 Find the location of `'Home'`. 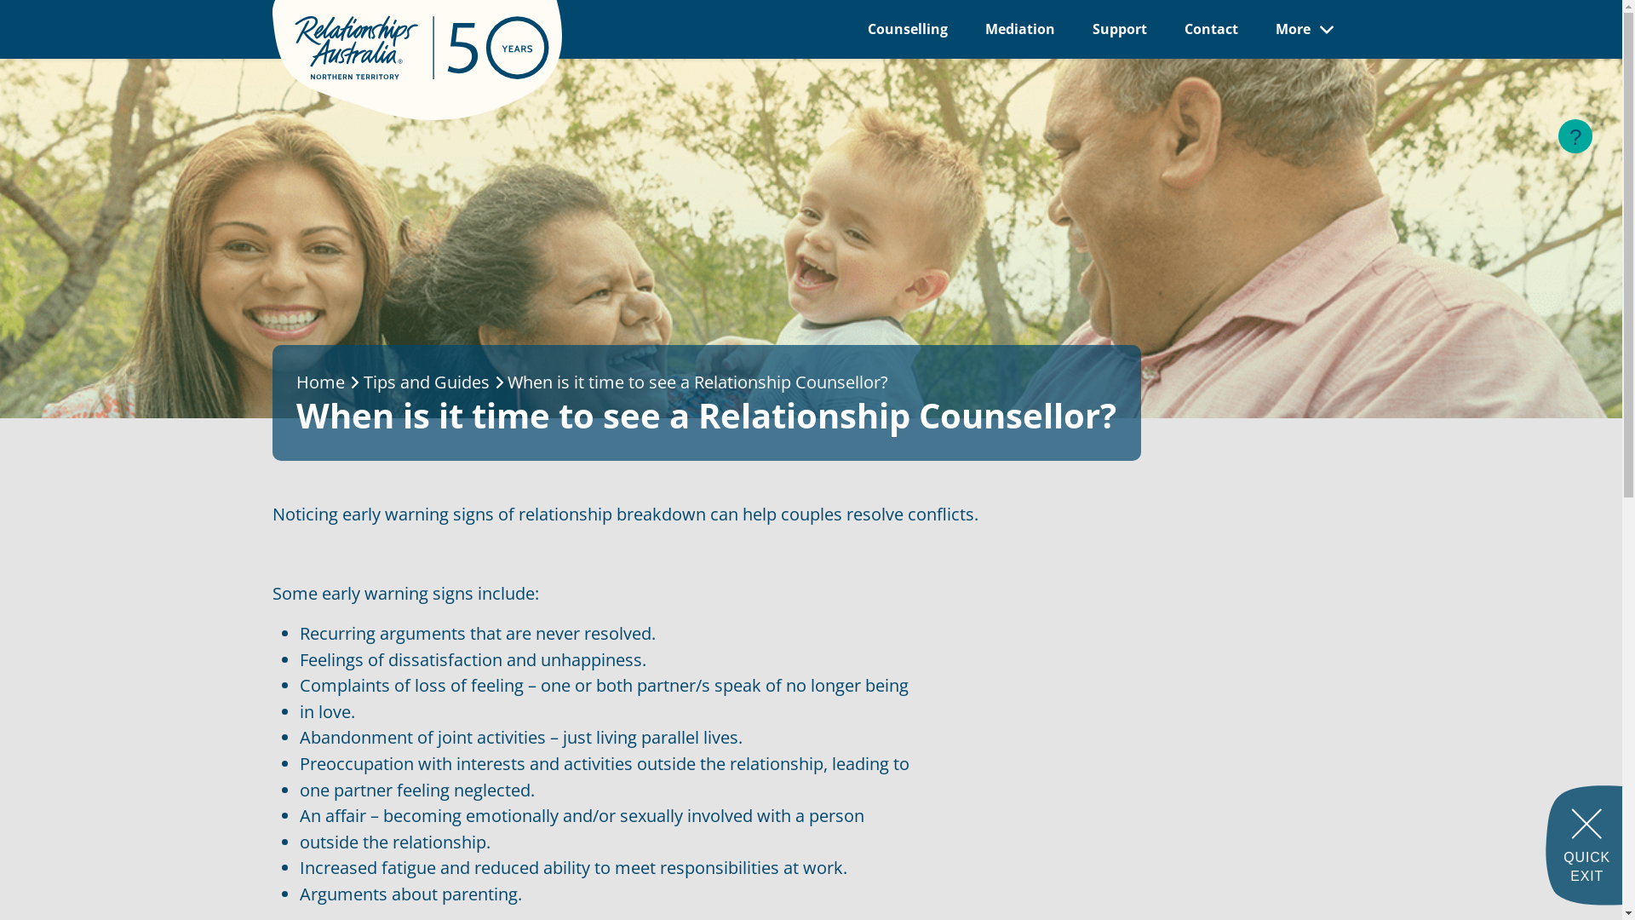

'Home' is located at coordinates (320, 381).